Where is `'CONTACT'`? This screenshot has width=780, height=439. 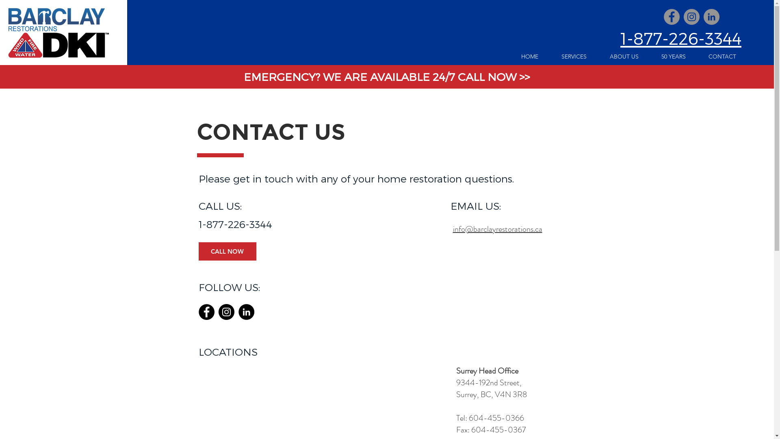 'CONTACT' is located at coordinates (697, 56).